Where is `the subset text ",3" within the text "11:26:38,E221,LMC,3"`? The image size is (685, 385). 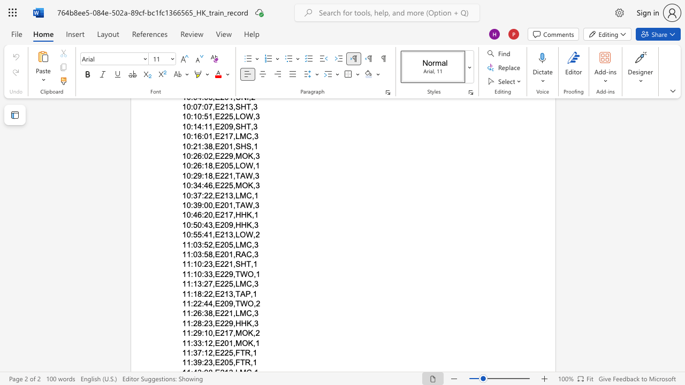
the subset text ",3" within the text "11:26:38,E221,LMC,3" is located at coordinates (251, 313).